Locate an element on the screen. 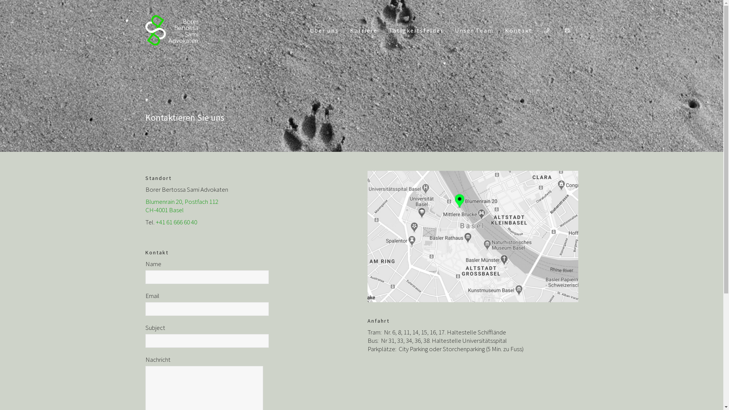 Image resolution: width=729 pixels, height=410 pixels. 'Kontakt' is located at coordinates (518, 30).